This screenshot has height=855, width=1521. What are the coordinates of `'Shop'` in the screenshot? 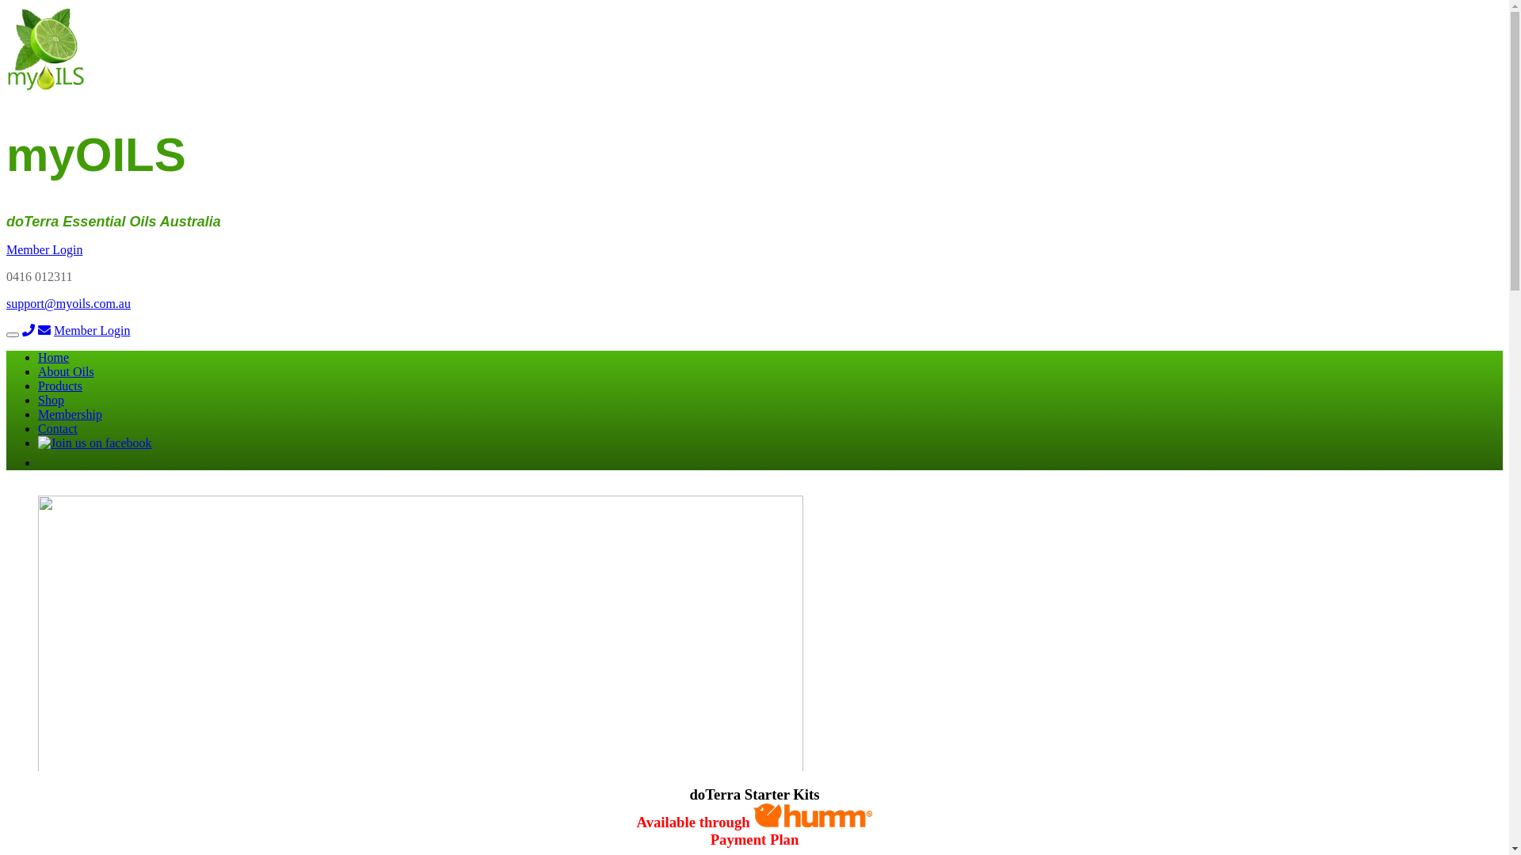 It's located at (51, 399).